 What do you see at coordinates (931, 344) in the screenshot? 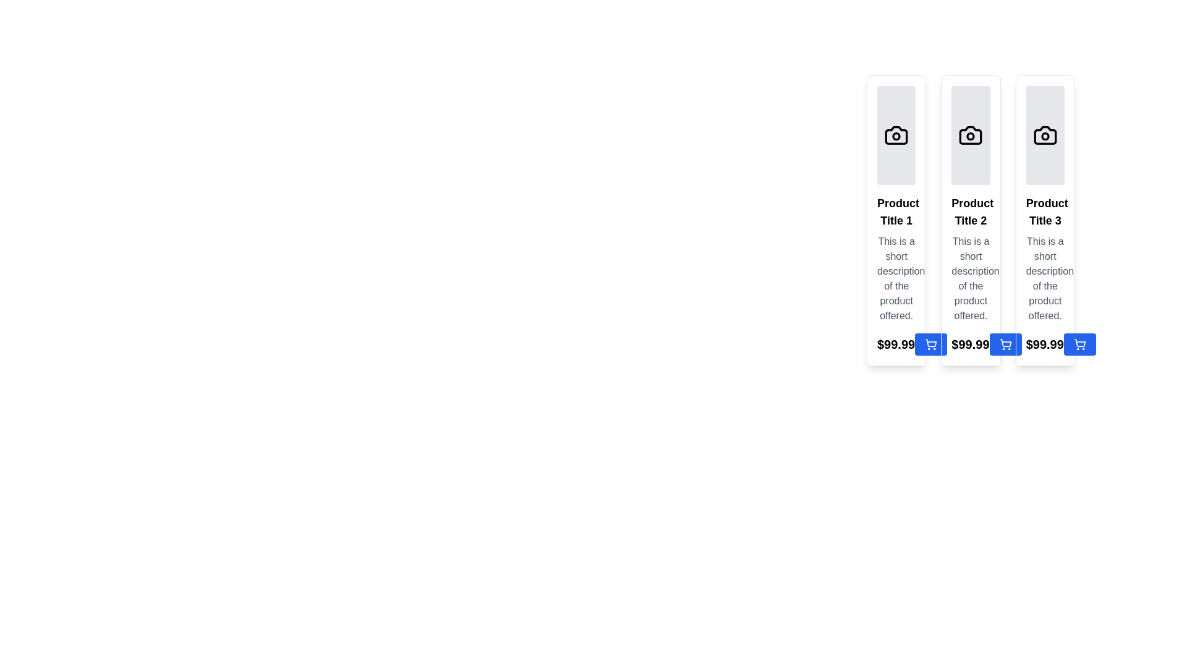
I see `the button located in the lower-right corner of the second product card` at bounding box center [931, 344].